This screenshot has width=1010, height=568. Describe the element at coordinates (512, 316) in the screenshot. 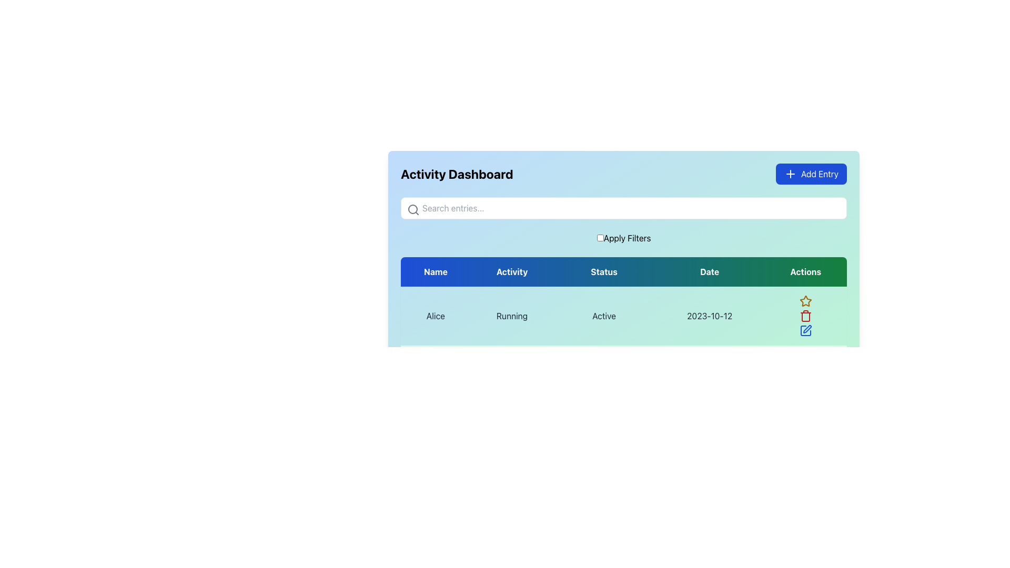

I see `the text label indicating the current activity of 'Alice', which displays 'Running', located in the 'Activity' column of the activity dashboard table` at that location.